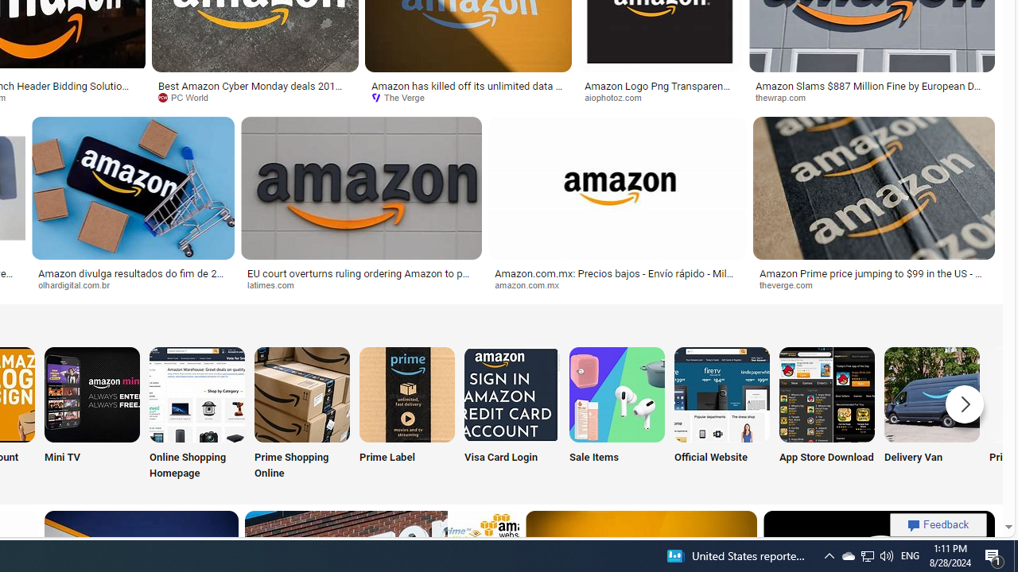 This screenshot has height=572, width=1018. I want to click on 'Amazon Mini TV Mini TV', so click(91, 414).